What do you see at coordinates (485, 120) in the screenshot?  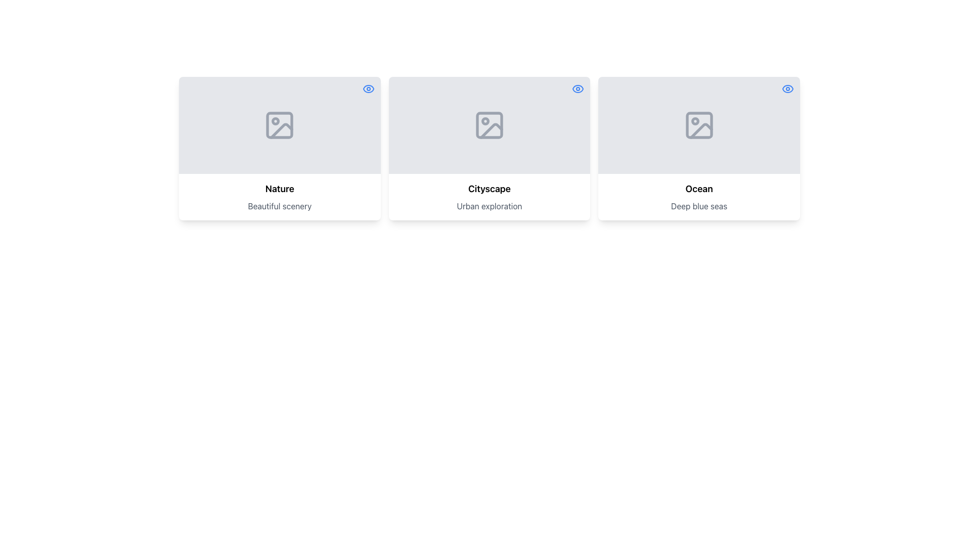 I see `the small circular shape within the gray-toned icon of the 'Cityscape' card, located near its top-left corner` at bounding box center [485, 120].